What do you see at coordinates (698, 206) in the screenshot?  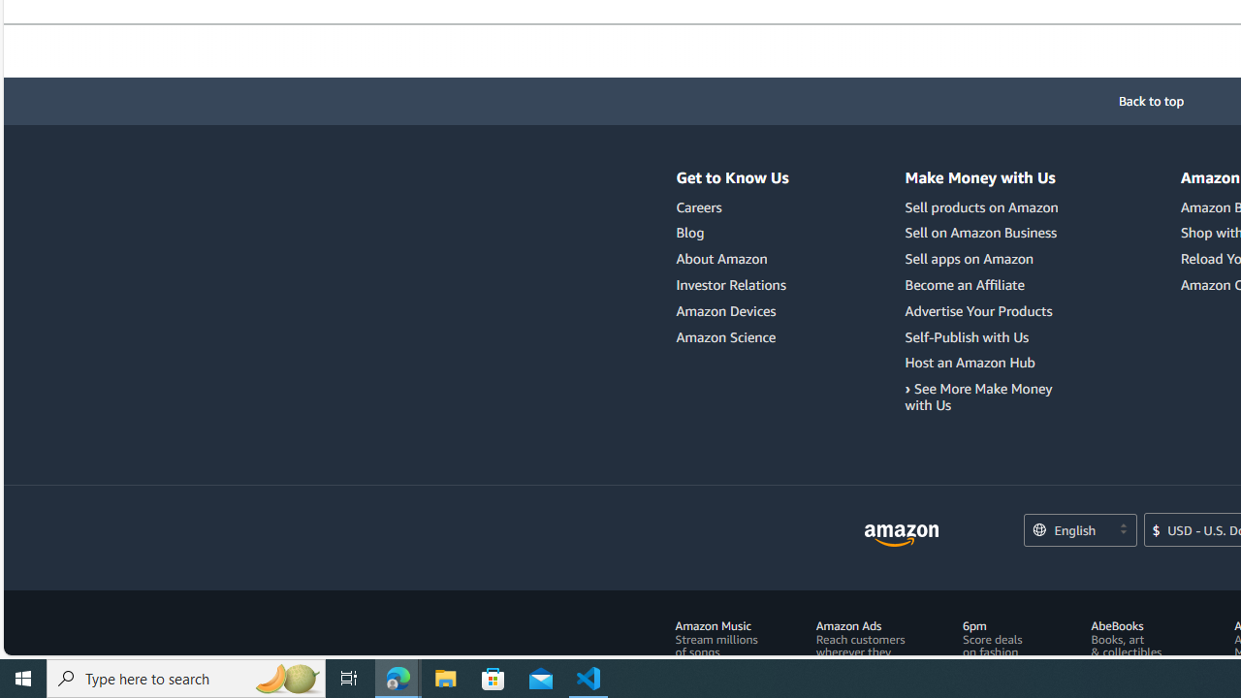 I see `'Careers'` at bounding box center [698, 206].